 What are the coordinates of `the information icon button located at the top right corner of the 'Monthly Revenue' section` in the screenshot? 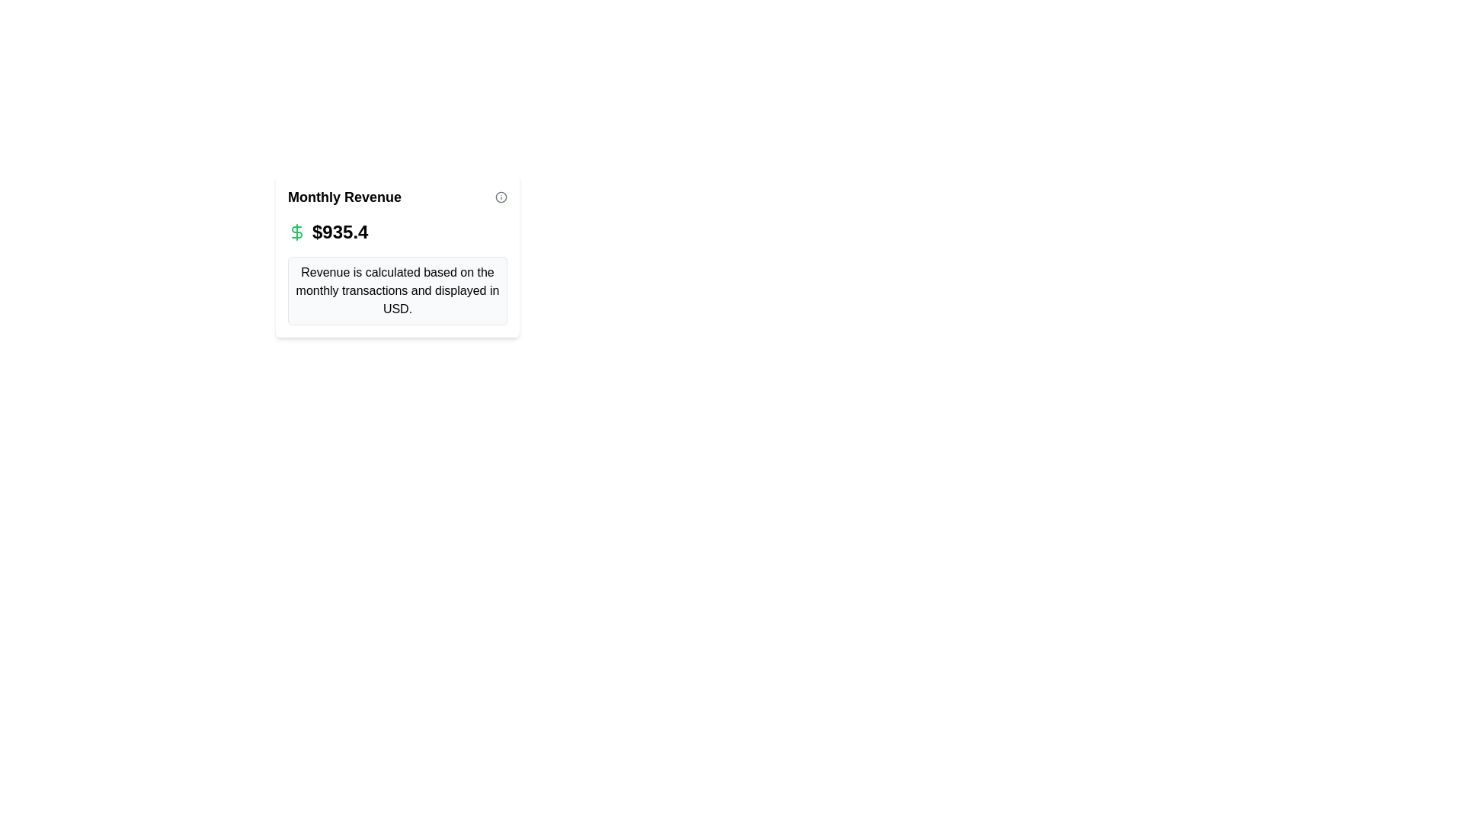 It's located at (501, 196).